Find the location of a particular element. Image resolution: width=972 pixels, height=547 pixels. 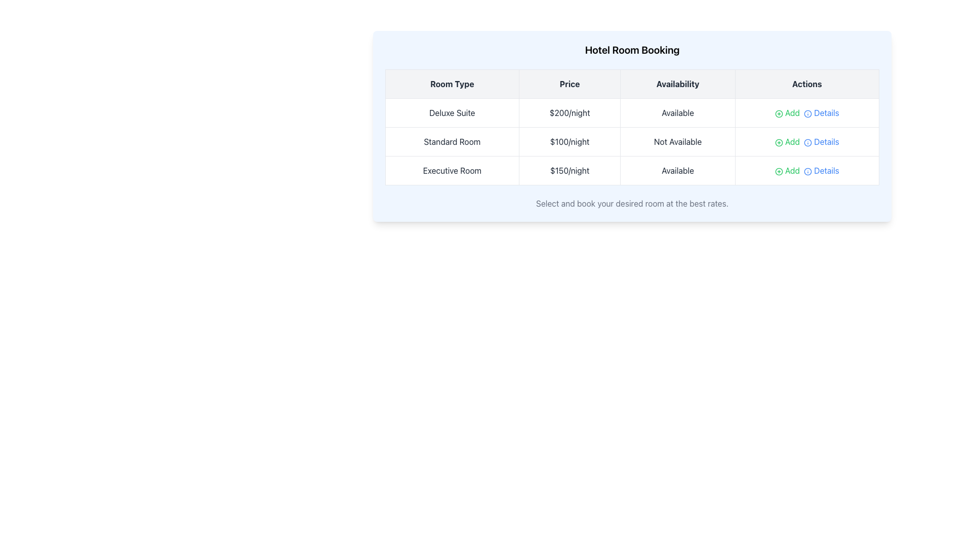

the 'Standard Room' text link with an accompanying icon, located as the second action button in the 'Actions' column of the second row in the 'Hotel Room Booking' table is located at coordinates (821, 142).